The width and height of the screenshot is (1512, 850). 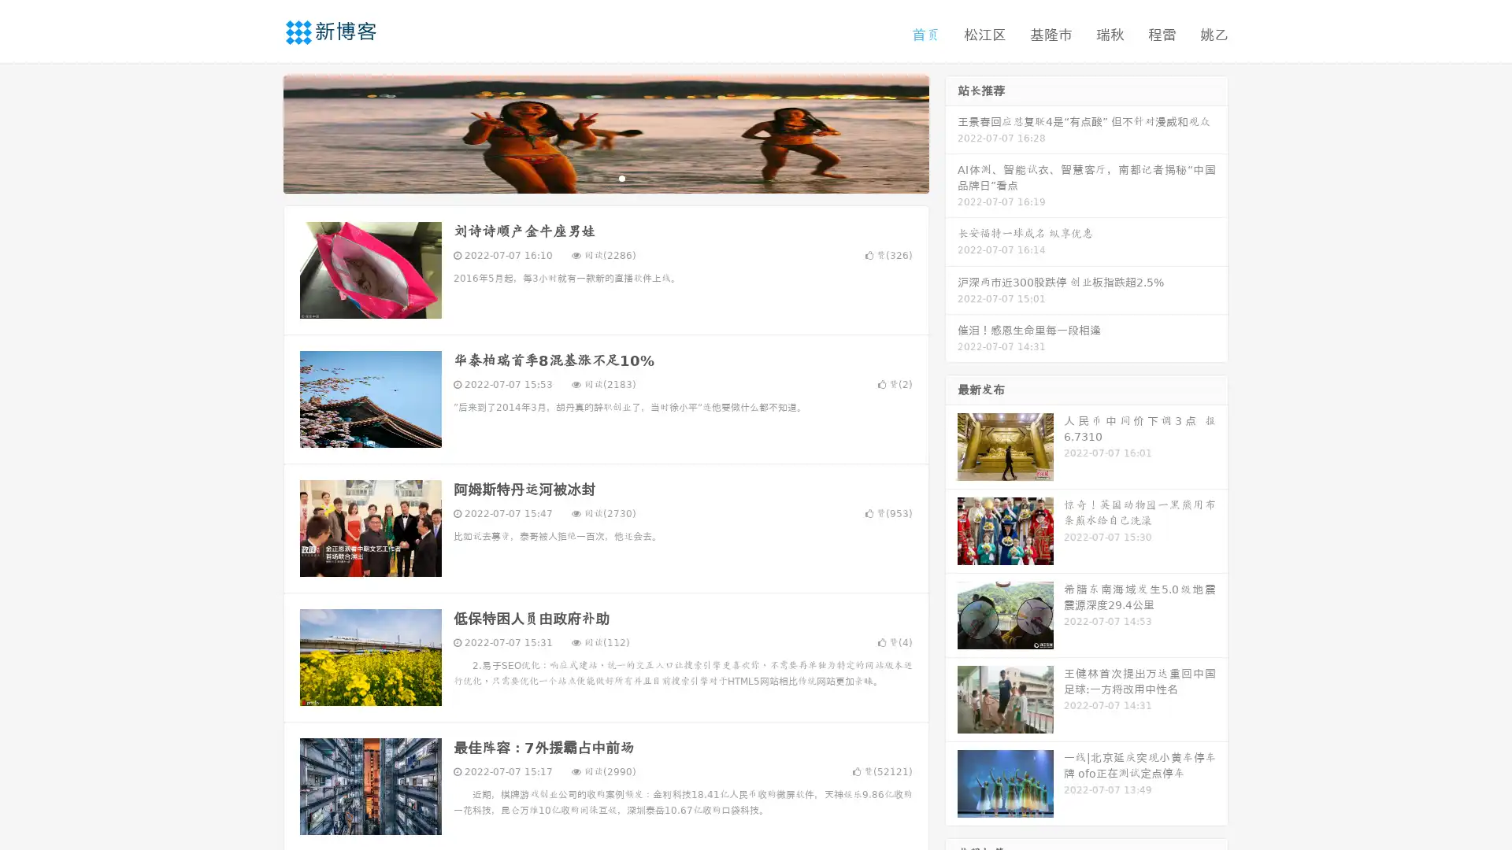 What do you see at coordinates (621, 177) in the screenshot?
I see `Go to slide 3` at bounding box center [621, 177].